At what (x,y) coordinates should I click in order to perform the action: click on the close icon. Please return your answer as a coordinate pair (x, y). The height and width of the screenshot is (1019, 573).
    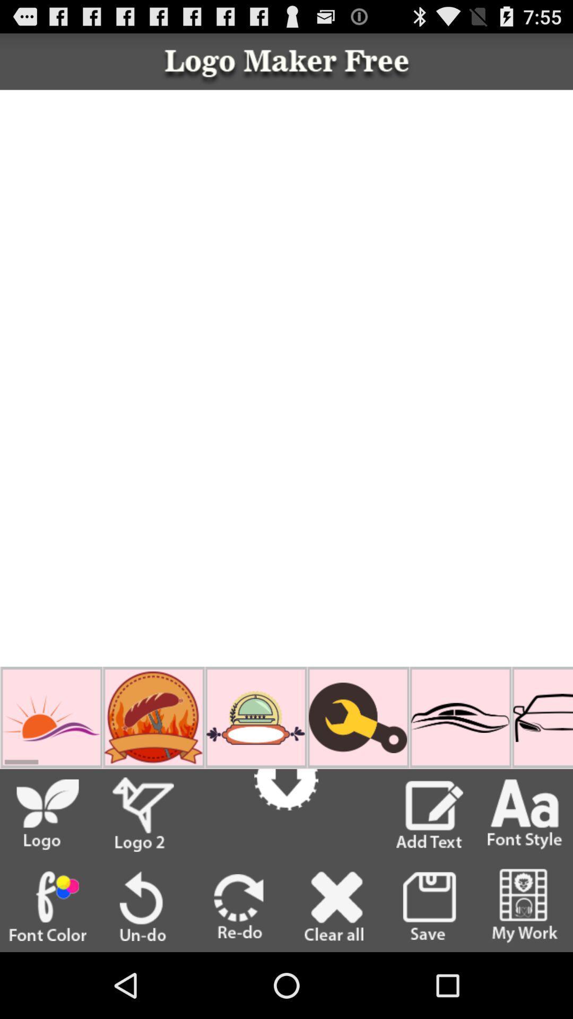
    Looking at the image, I should click on (333, 970).